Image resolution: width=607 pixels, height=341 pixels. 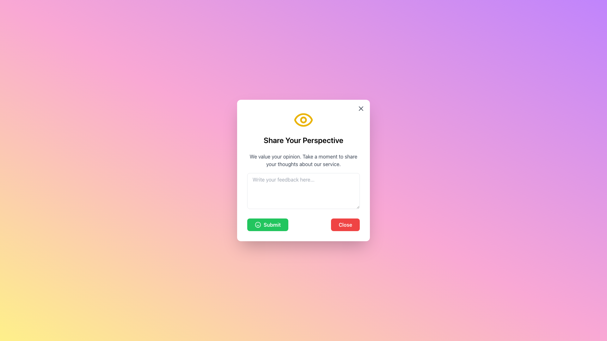 What do you see at coordinates (361, 108) in the screenshot?
I see `the close button, depicted as an 'X' icon, located in the top-right corner of the modal dialog window to change its color` at bounding box center [361, 108].